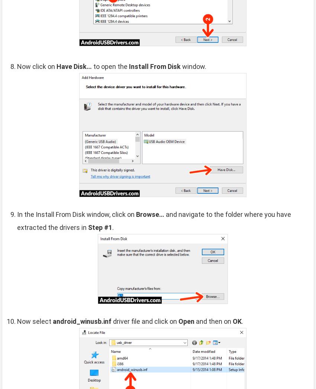 This screenshot has height=389, width=316. Describe the element at coordinates (35, 321) in the screenshot. I see `'Now select'` at that location.